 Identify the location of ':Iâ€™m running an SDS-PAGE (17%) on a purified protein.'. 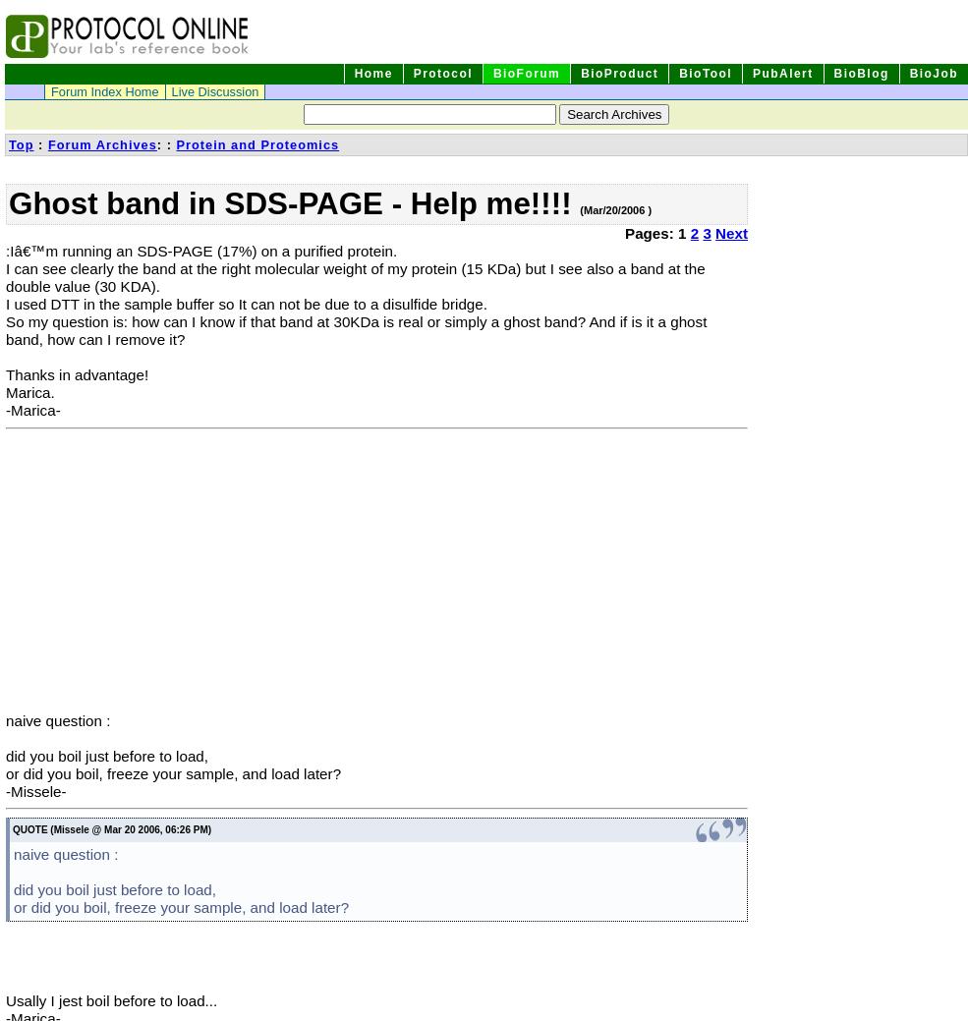
(199, 251).